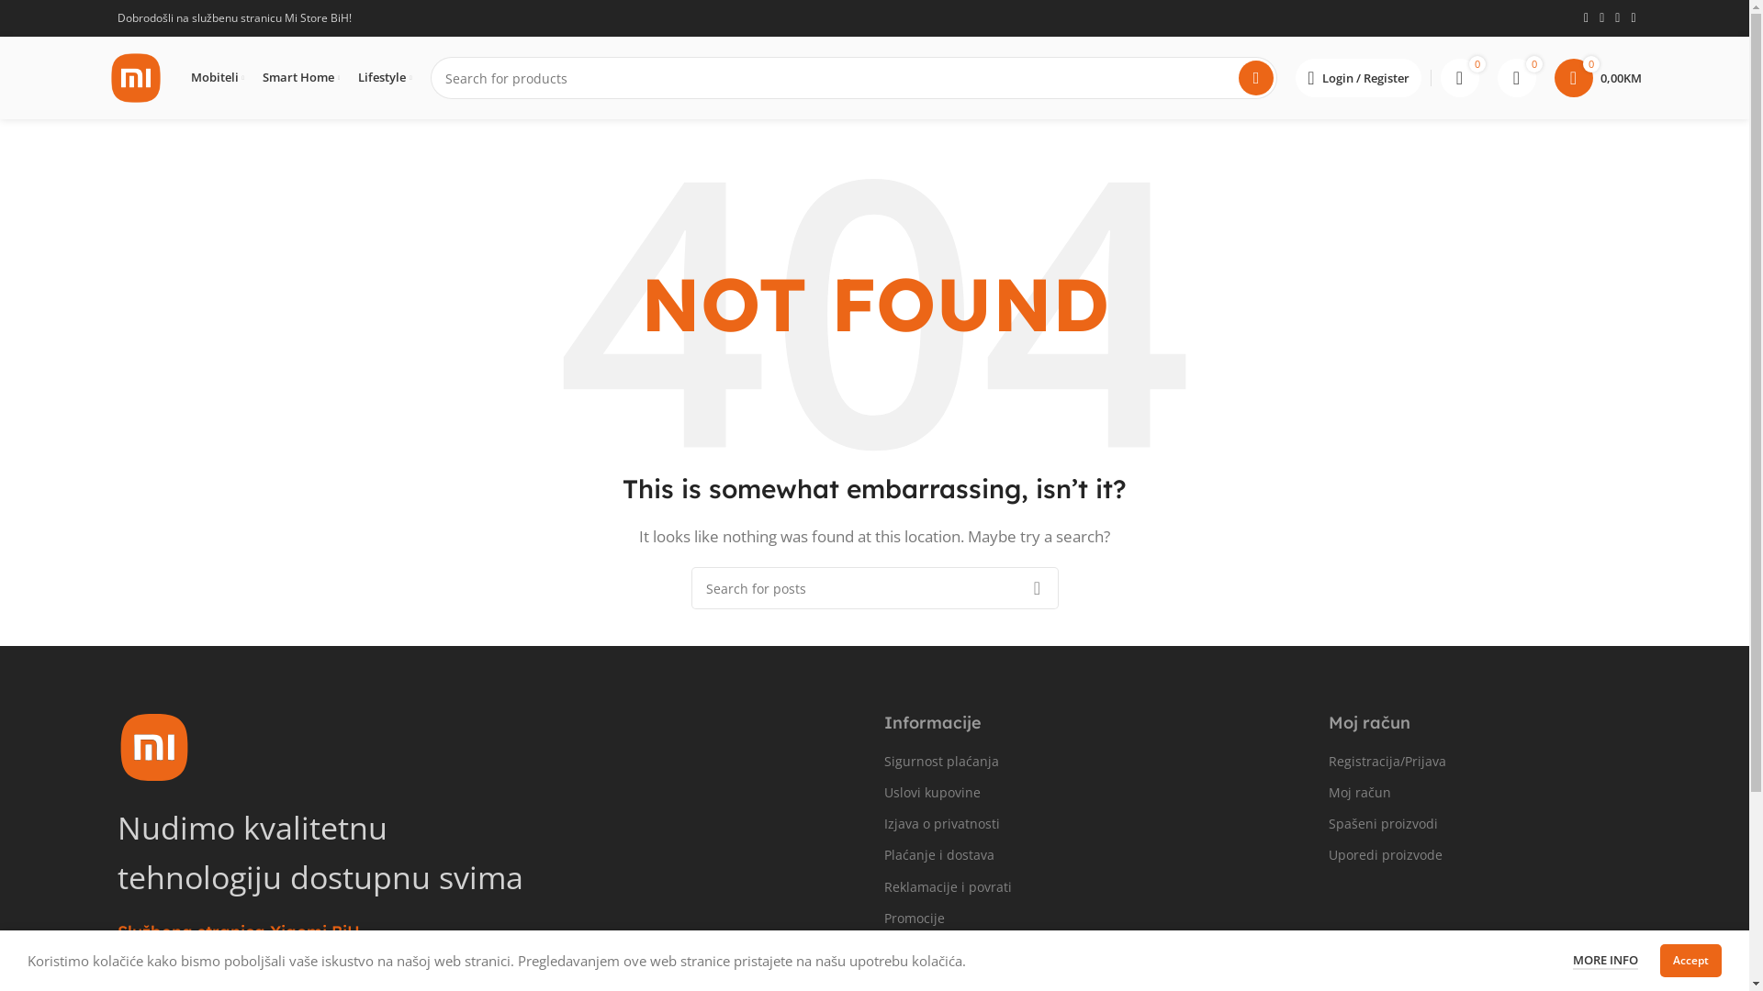 This screenshot has width=1763, height=991. I want to click on '0', so click(1457, 76).